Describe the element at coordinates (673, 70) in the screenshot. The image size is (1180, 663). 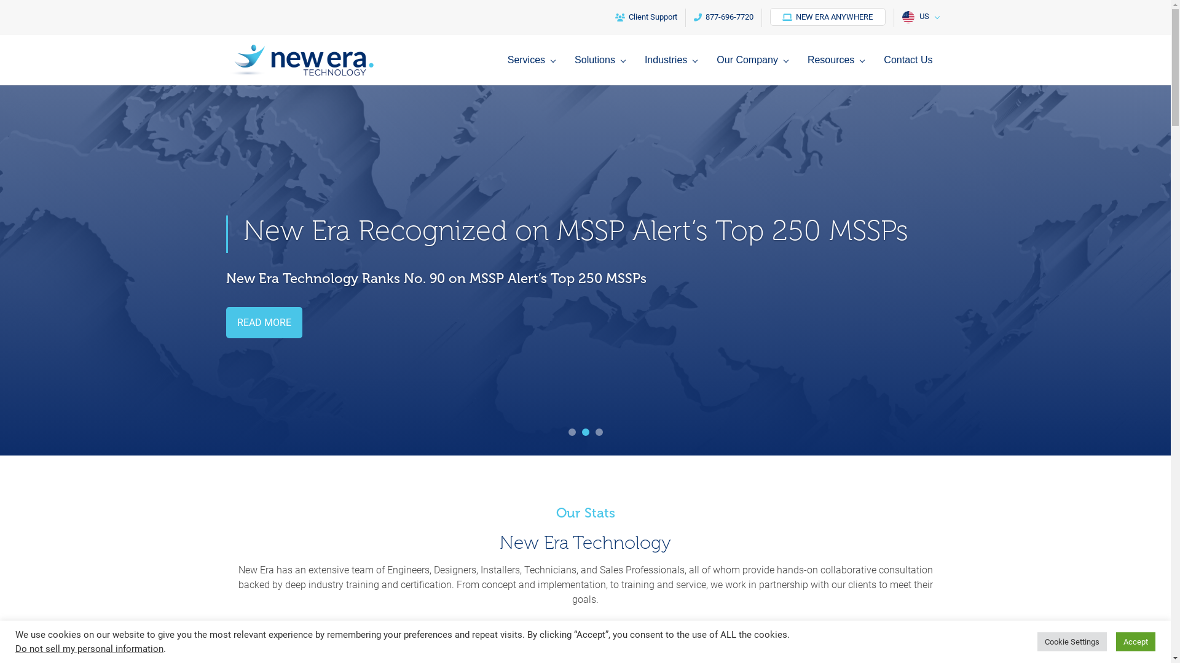
I see `'Industries'` at that location.